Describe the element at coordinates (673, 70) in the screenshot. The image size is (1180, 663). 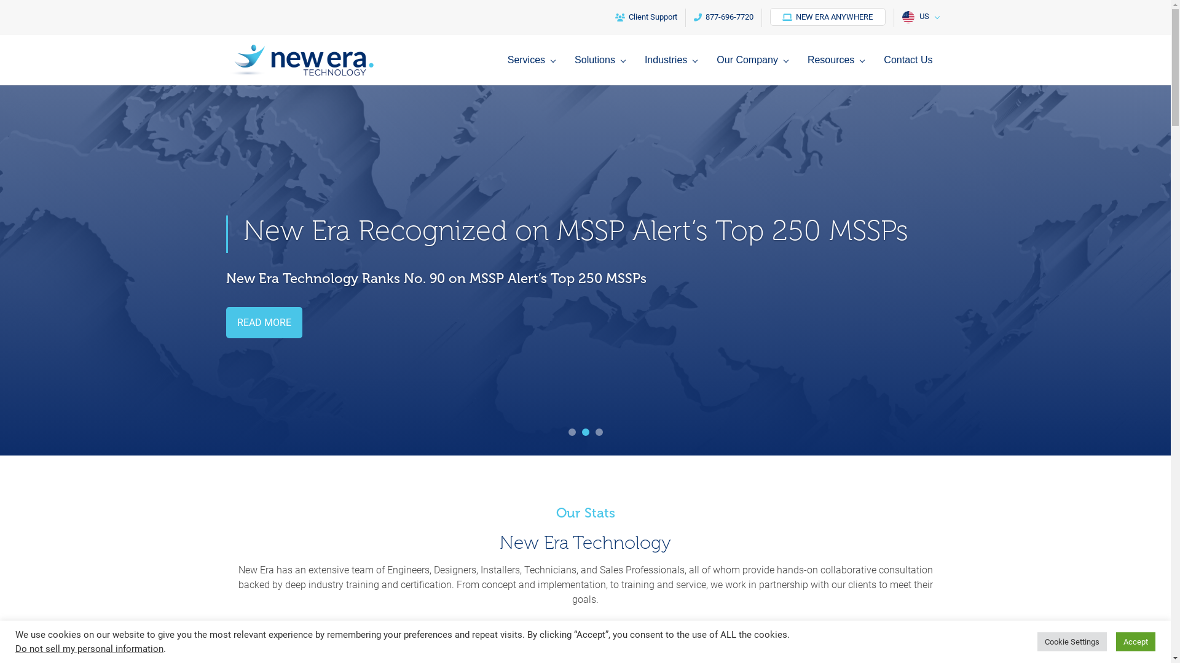
I see `'Industries'` at that location.